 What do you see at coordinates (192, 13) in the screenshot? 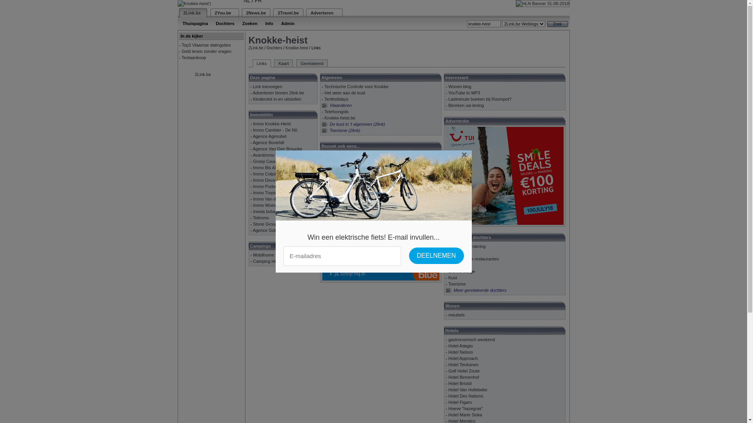
I see `'2Link.be'` at bounding box center [192, 13].